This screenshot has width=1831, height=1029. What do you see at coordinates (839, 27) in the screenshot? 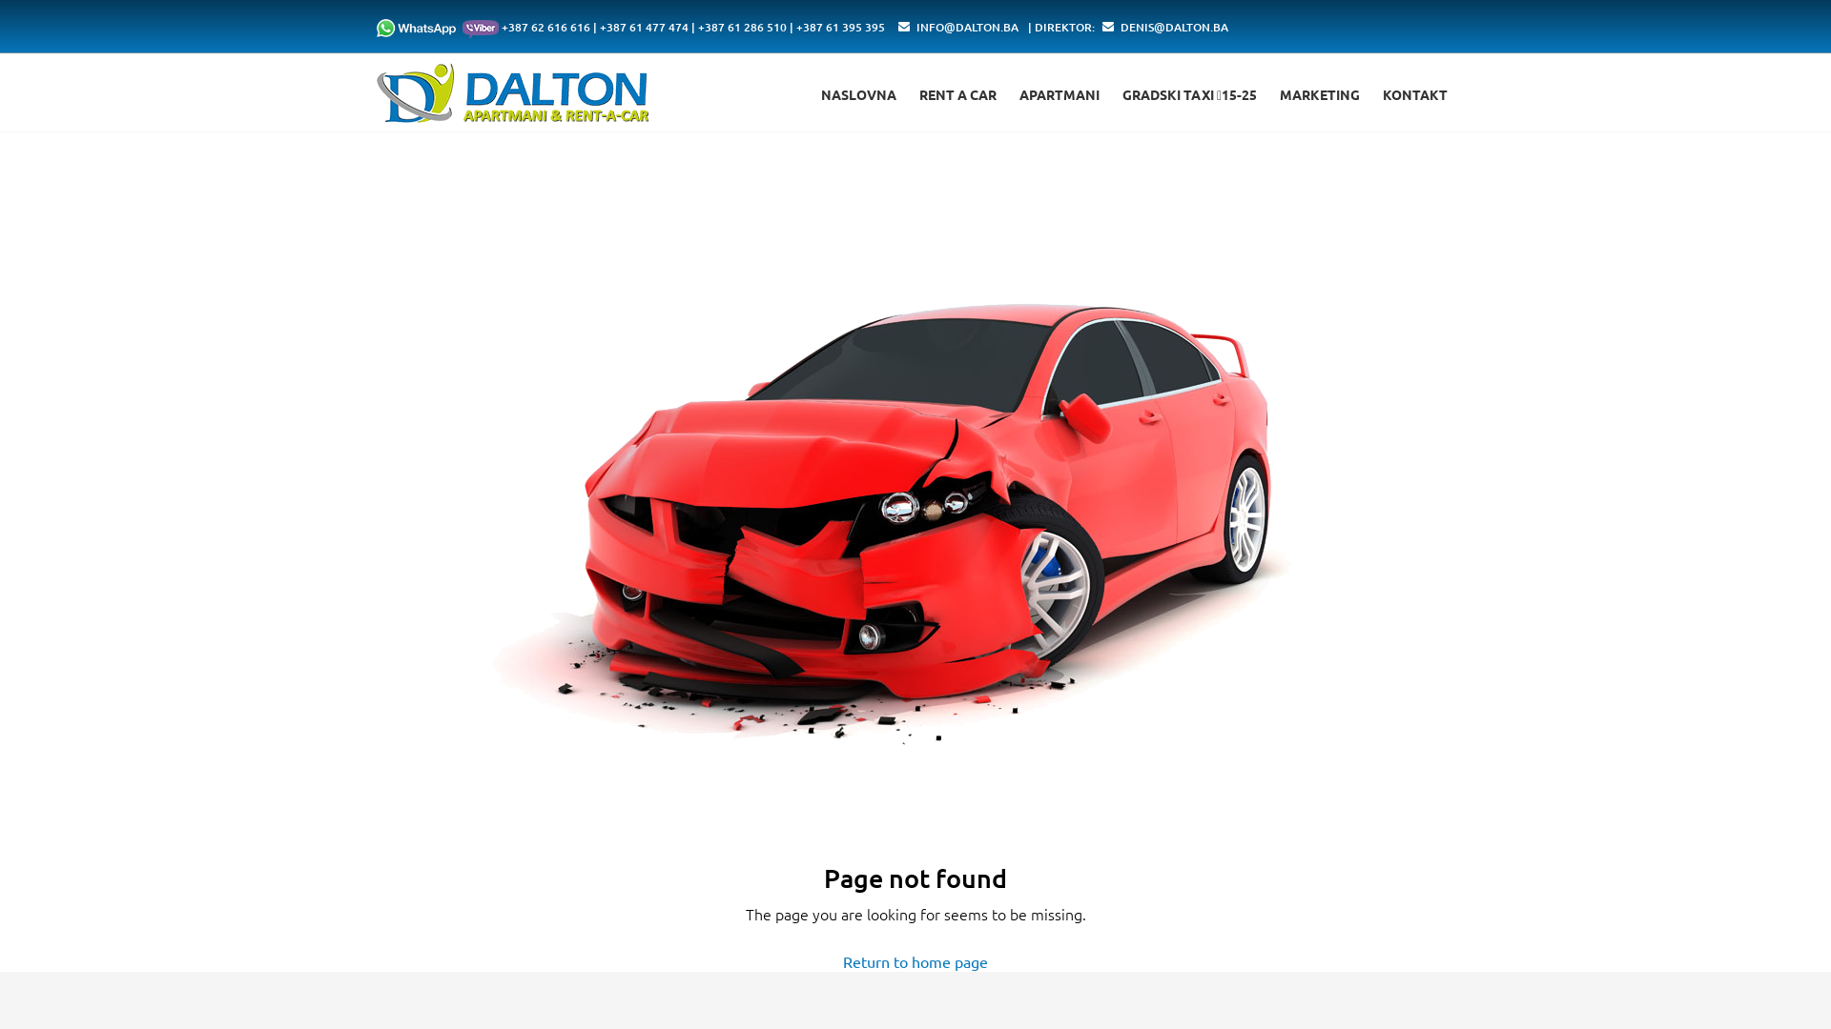
I see `'+387 61 395 395'` at bounding box center [839, 27].